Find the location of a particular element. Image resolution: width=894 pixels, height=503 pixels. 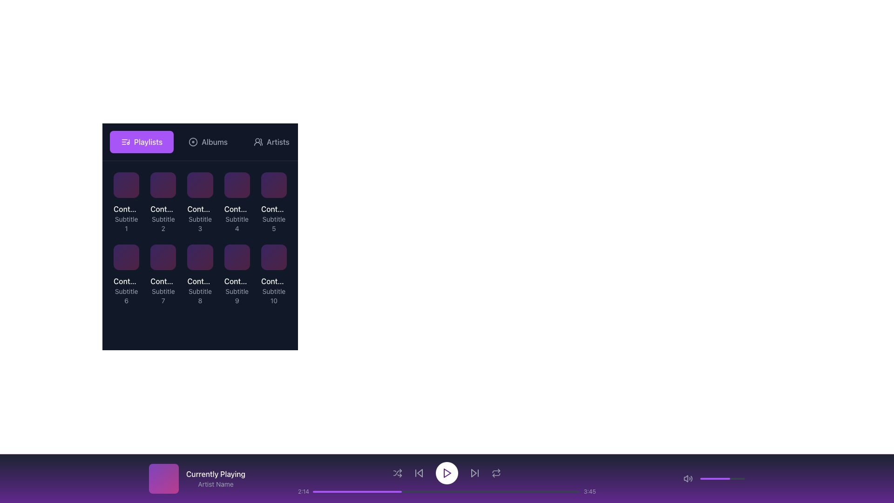

the square button with a gradient background transitioning from purple to pink, located in the top row, third column under the 'Playlists' section is located at coordinates (200, 185).